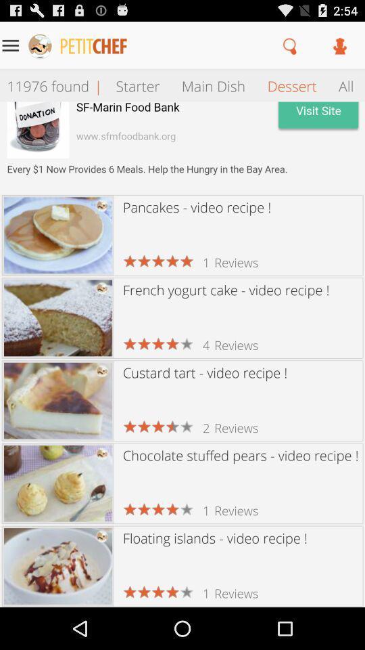 The height and width of the screenshot is (650, 365). What do you see at coordinates (182, 148) in the screenshot?
I see `open webpage of displayed advertisement` at bounding box center [182, 148].